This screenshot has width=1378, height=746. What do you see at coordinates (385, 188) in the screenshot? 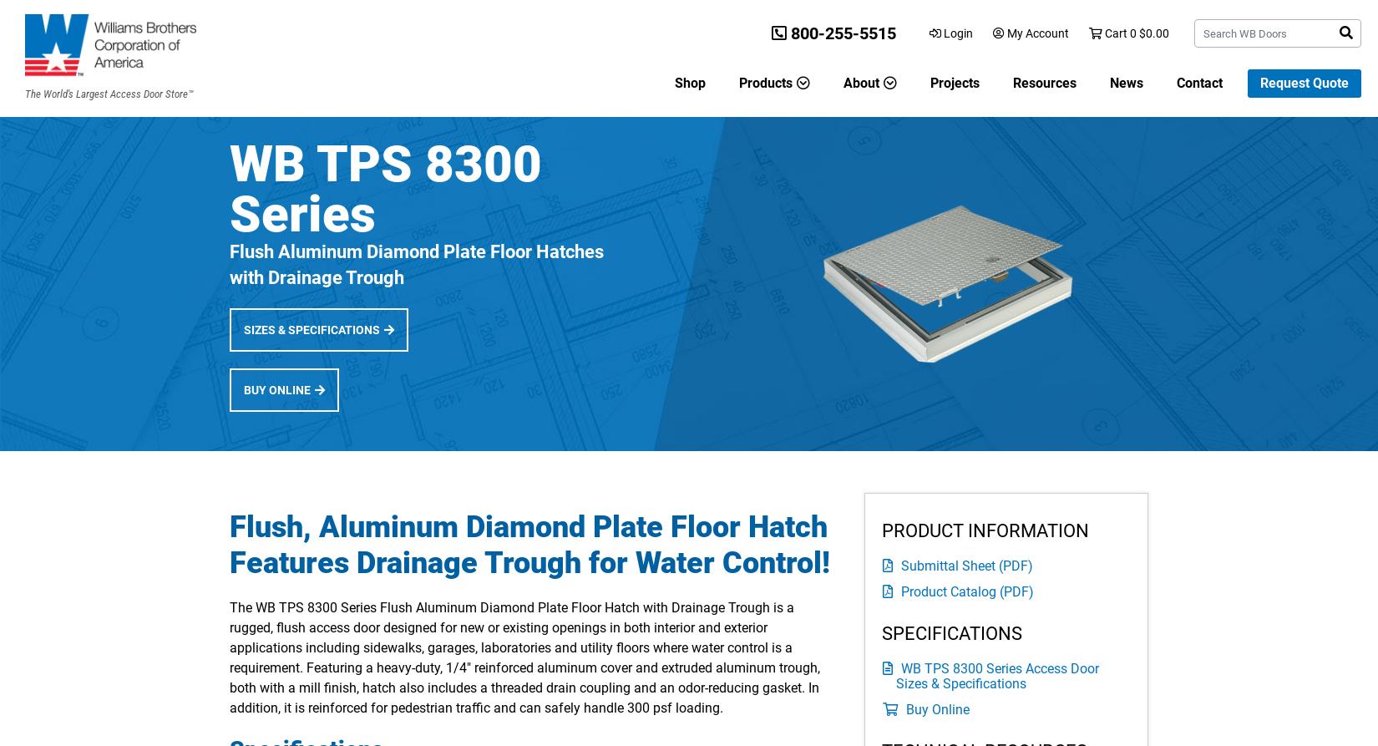
I see `'WB TPS 8300 Series'` at bounding box center [385, 188].